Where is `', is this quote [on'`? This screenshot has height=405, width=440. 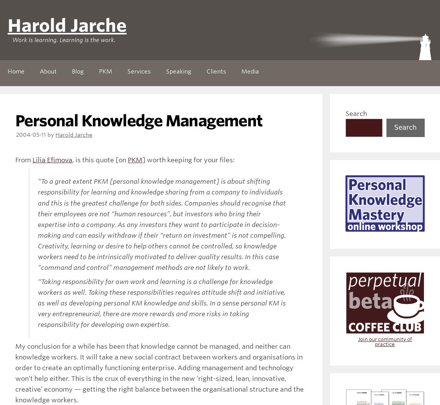 ', is this quote [on' is located at coordinates (99, 160).